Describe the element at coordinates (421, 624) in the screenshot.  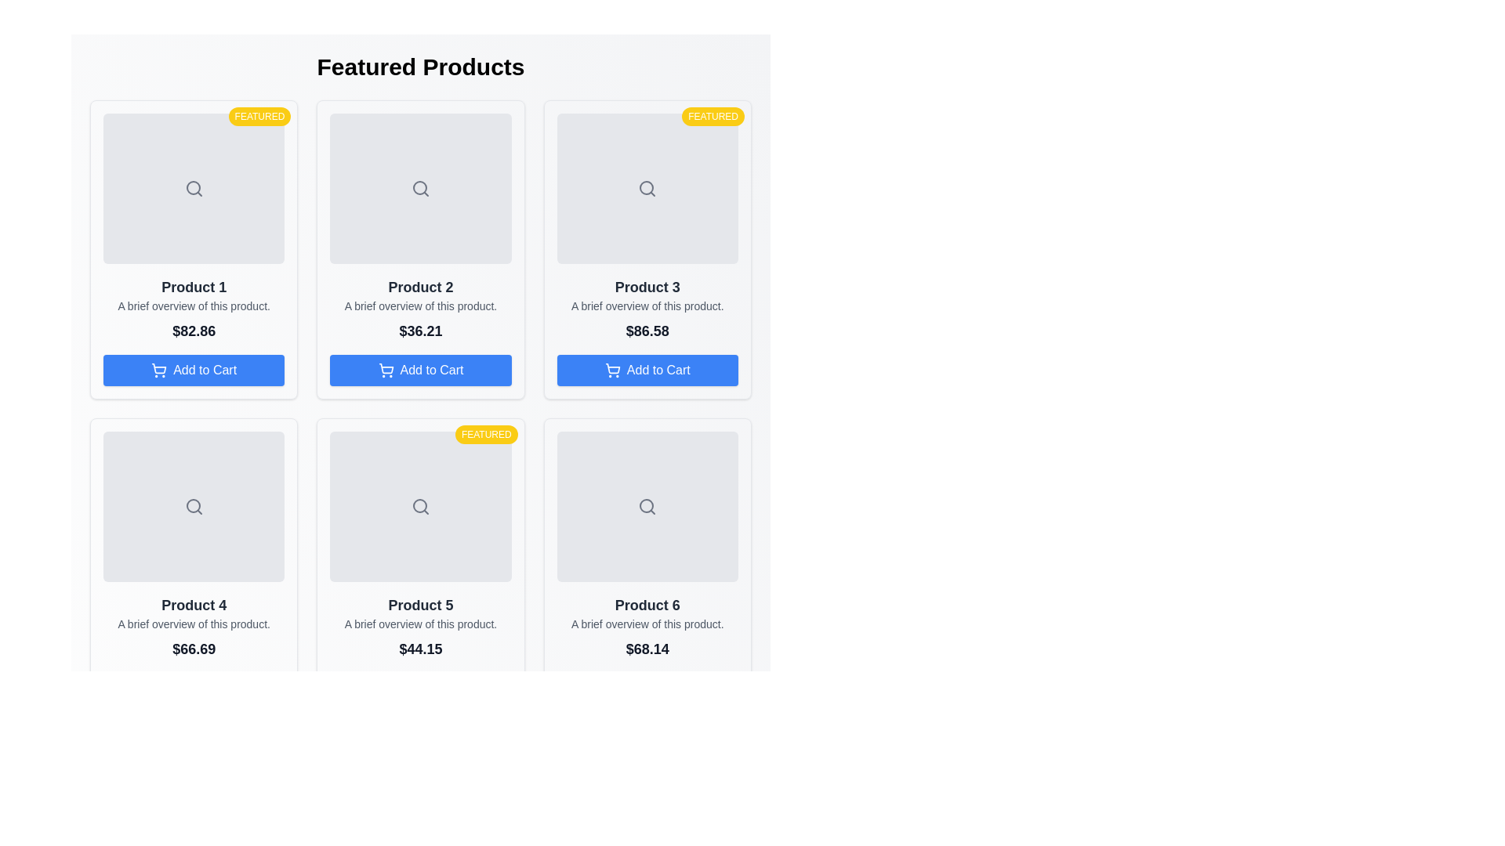
I see `the text label stating 'A brief overview of this product.' which is located below the title 'Product 5' in the product card` at that location.